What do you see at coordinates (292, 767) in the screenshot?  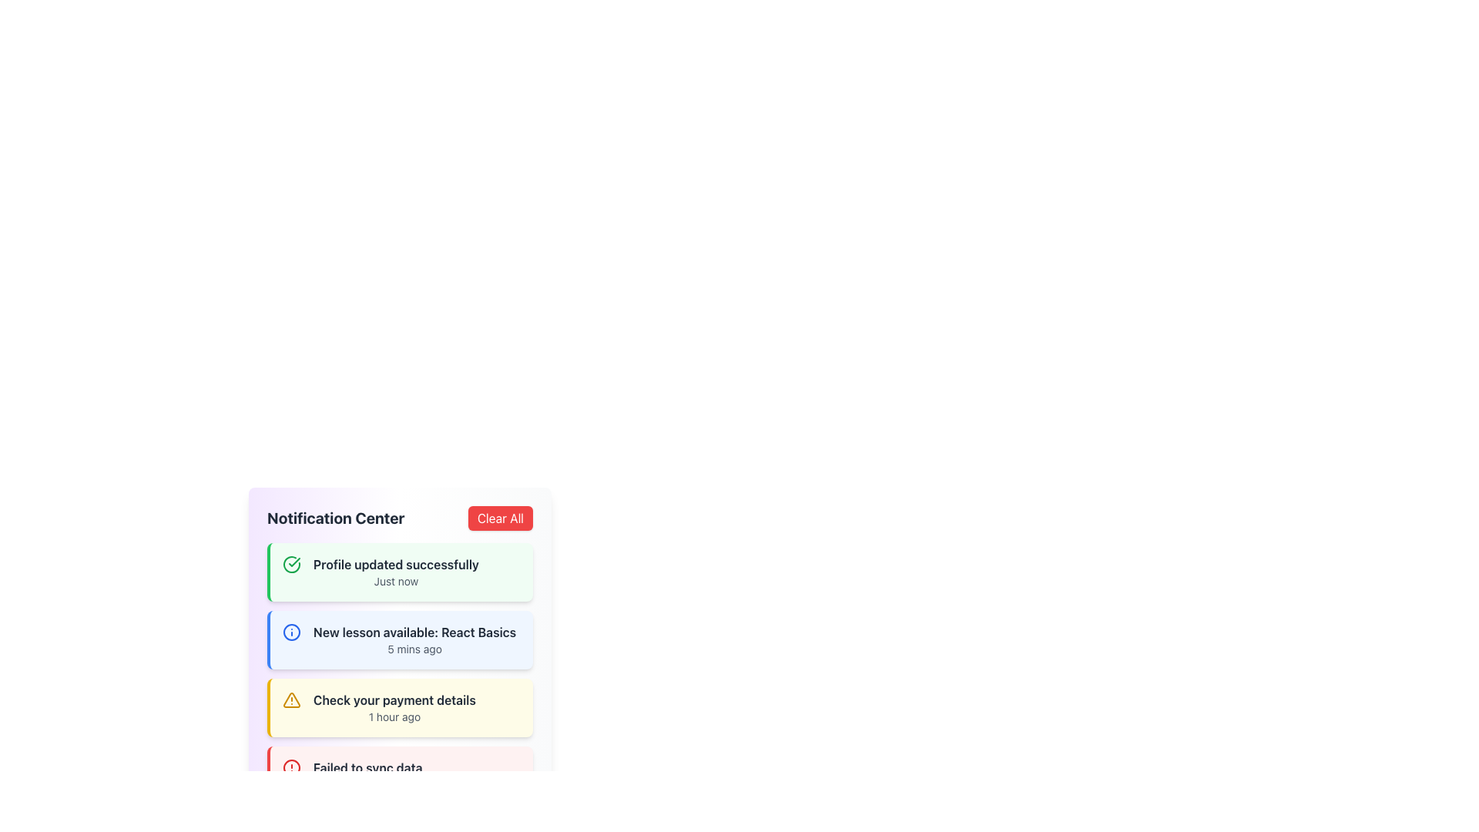 I see `the alert icon within the notification card that conveys urgency or error, located at the bottom of the notification list panel, preceding the text 'Failed to sync data' and 'Yesterday'` at bounding box center [292, 767].